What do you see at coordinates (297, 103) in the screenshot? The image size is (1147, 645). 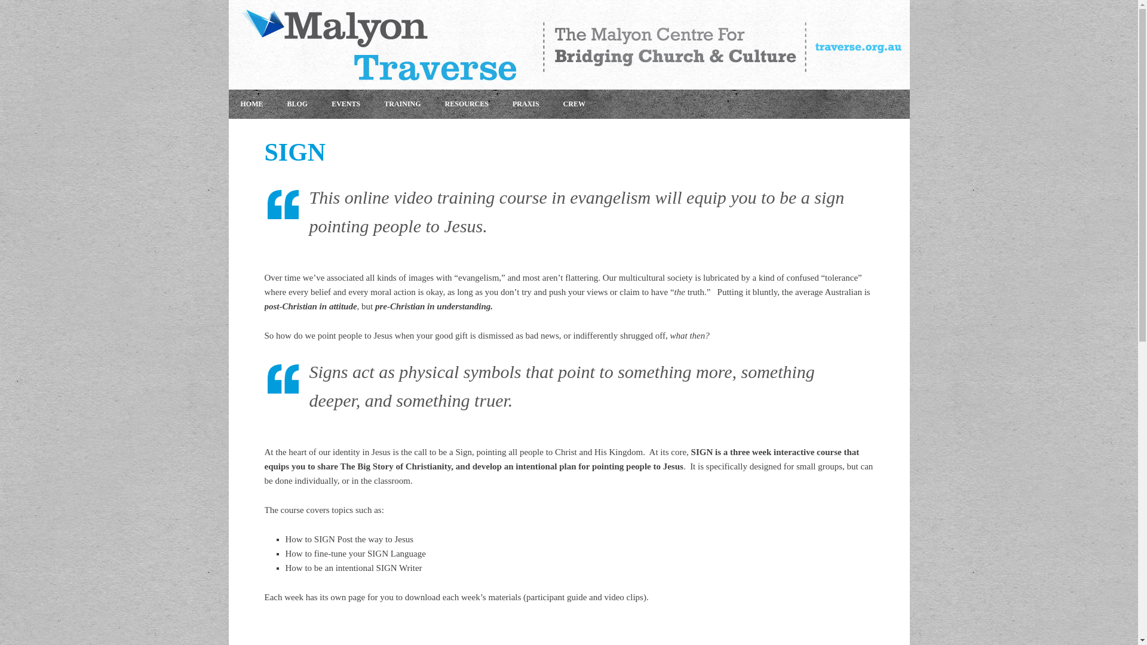 I see `'BLOG'` at bounding box center [297, 103].